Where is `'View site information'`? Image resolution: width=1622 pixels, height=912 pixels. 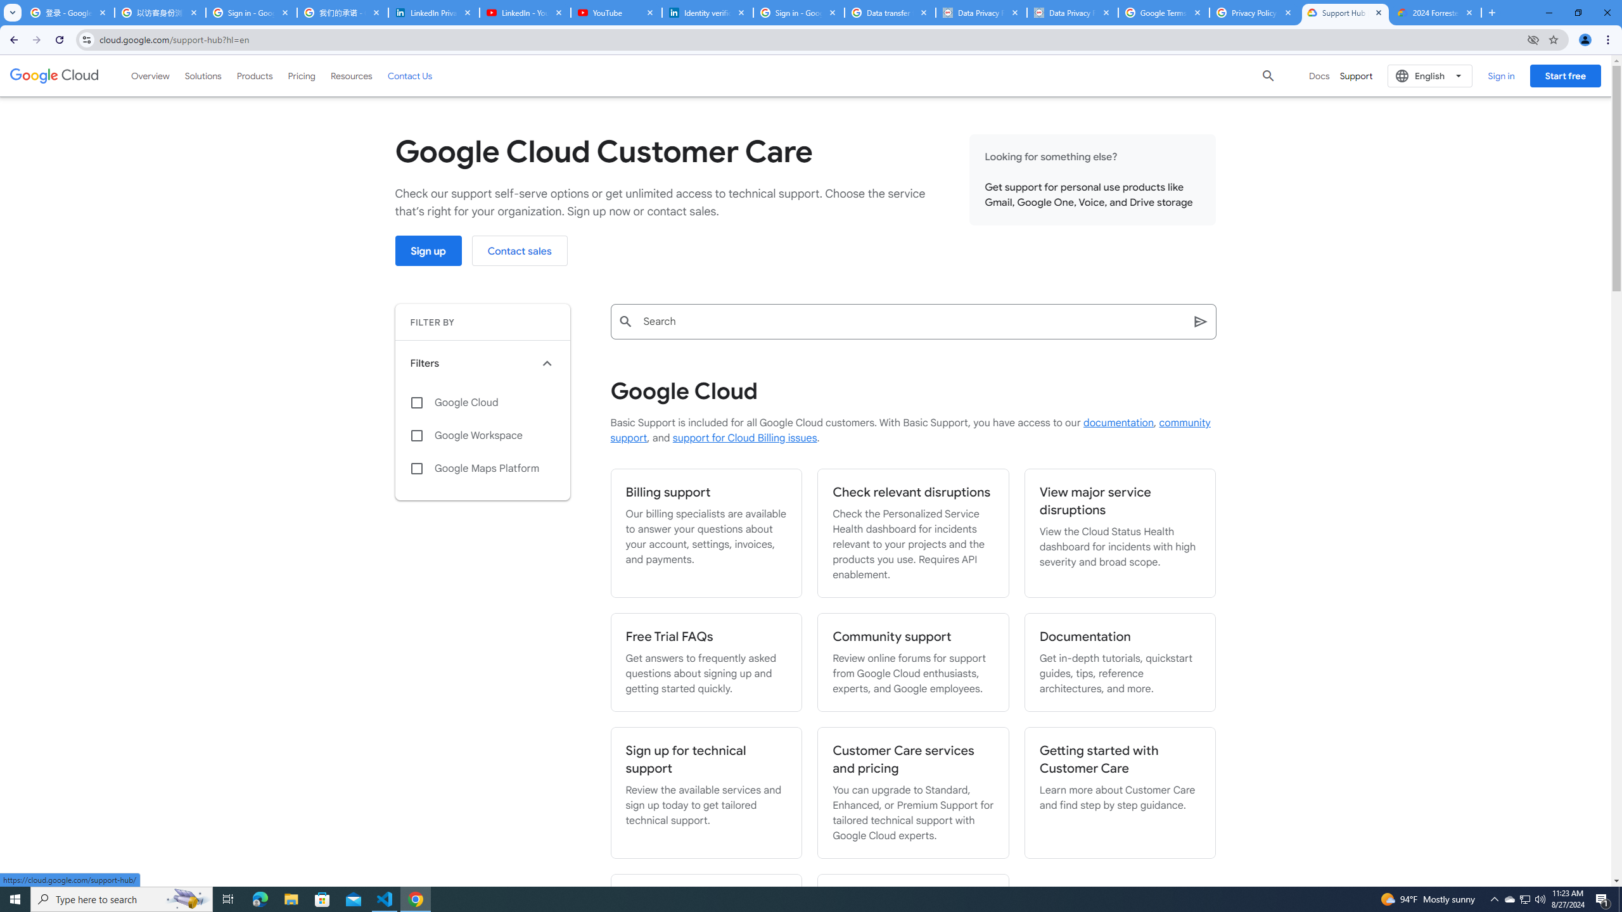
'View site information' is located at coordinates (86, 39).